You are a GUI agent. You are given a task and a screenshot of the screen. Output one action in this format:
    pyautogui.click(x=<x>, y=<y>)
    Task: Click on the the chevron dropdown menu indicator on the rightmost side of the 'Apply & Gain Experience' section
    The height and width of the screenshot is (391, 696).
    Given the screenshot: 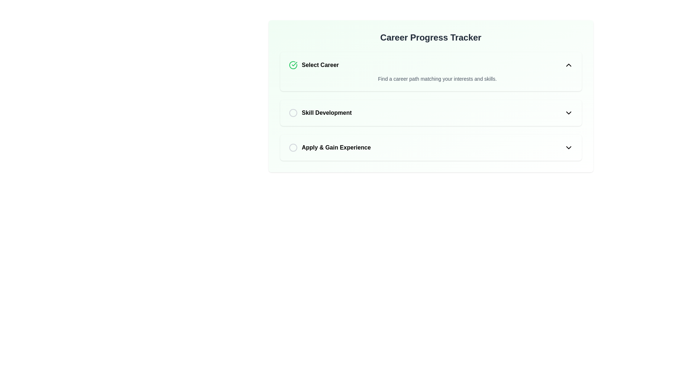 What is the action you would take?
    pyautogui.click(x=568, y=147)
    